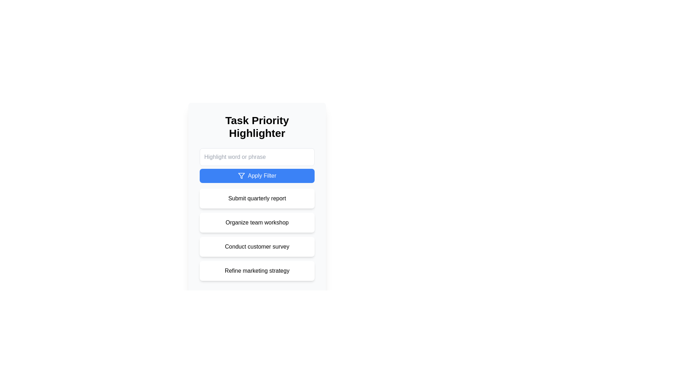  I want to click on the button in the 'Task Priority Highlighter' section to trigger a visual state change, so click(256, 165).